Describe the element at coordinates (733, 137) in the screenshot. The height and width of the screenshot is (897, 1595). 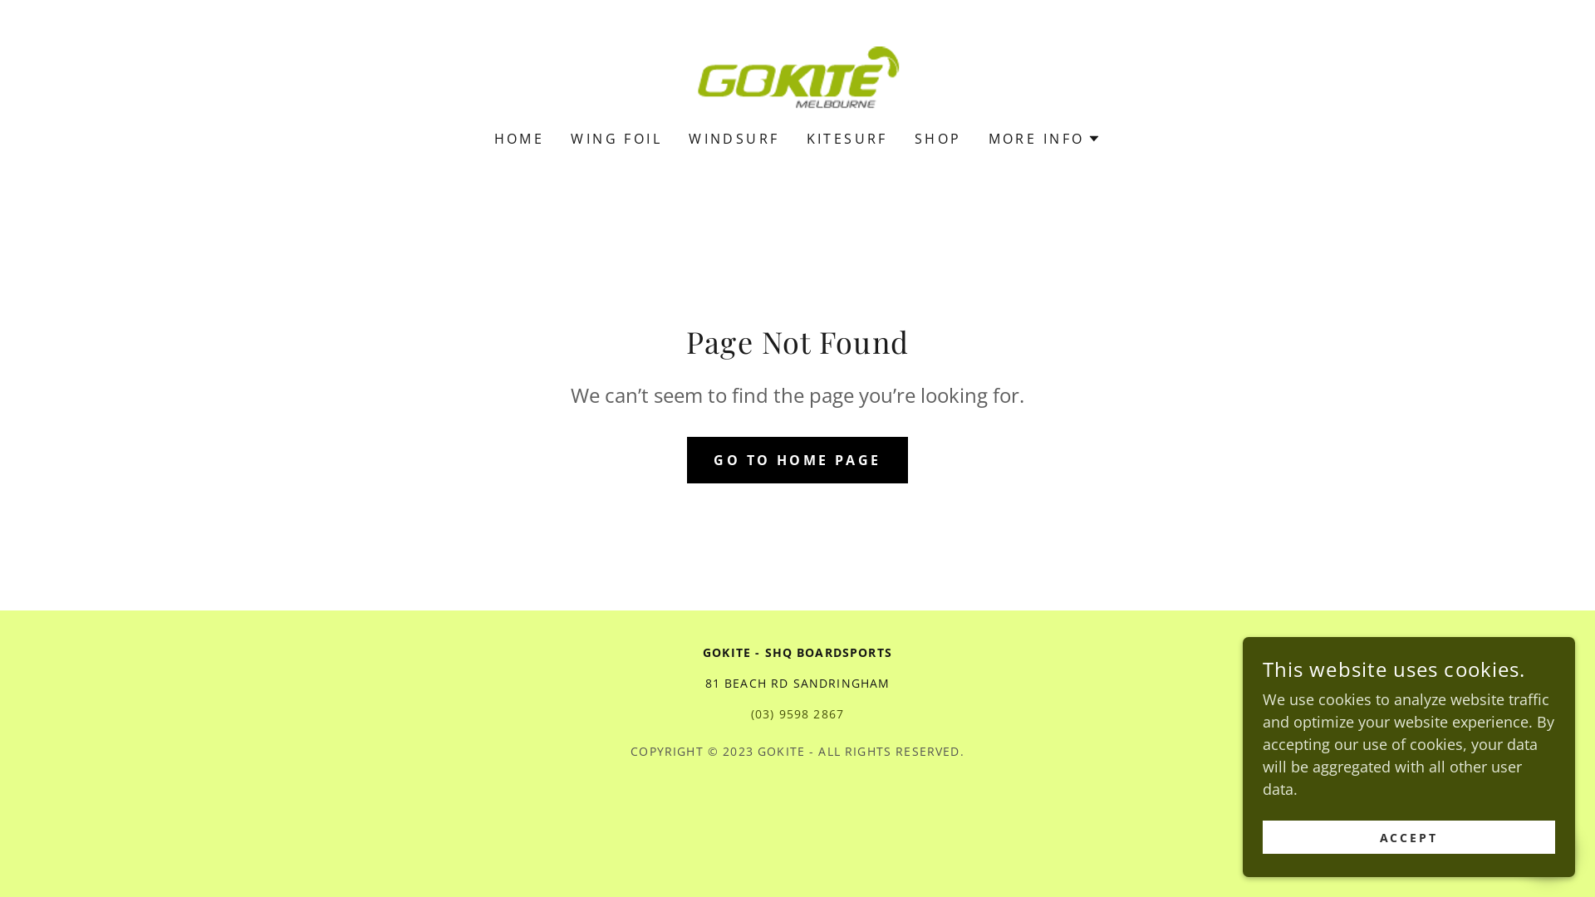
I see `'WINDSURF'` at that location.